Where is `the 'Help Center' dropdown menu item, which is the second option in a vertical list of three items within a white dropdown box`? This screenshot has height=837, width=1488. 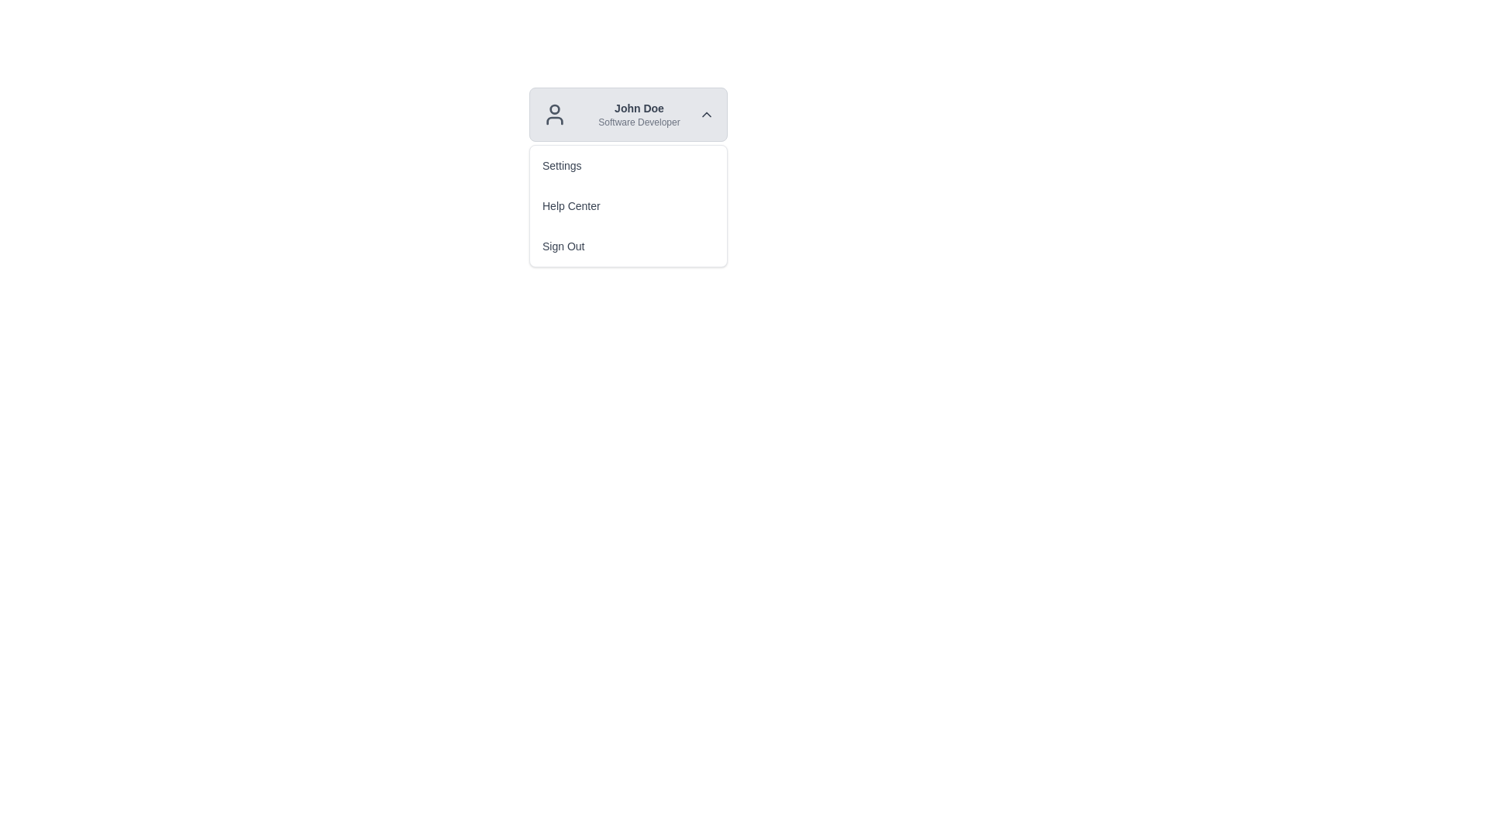 the 'Help Center' dropdown menu item, which is the second option in a vertical list of three items within a white dropdown box is located at coordinates (629, 205).